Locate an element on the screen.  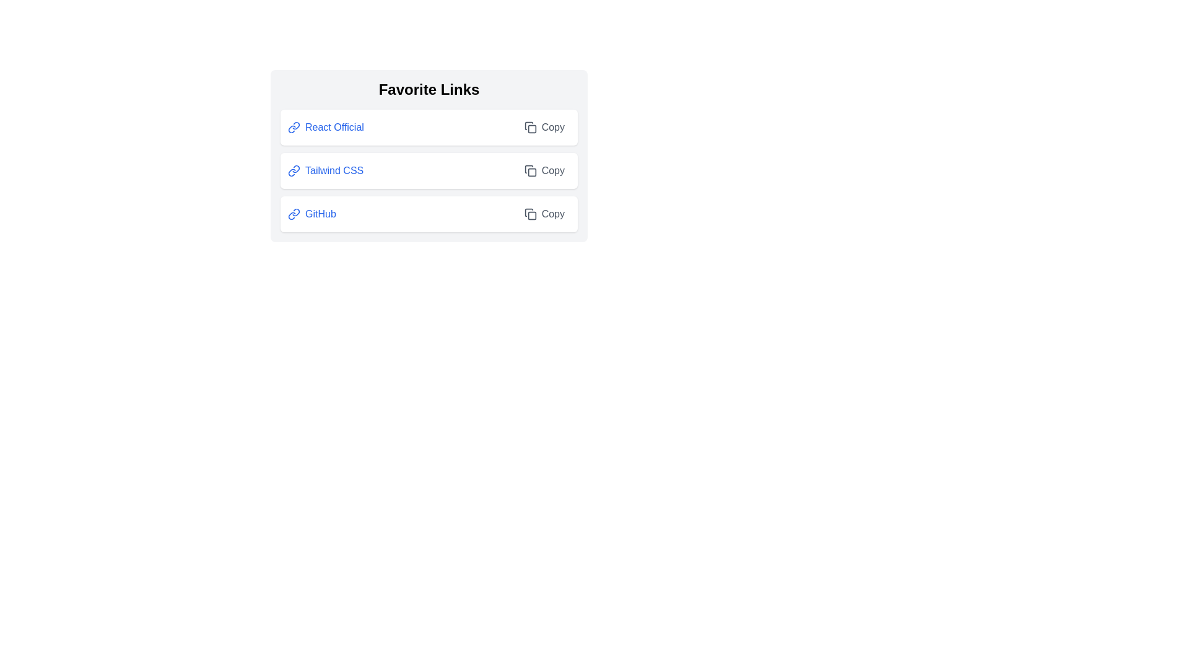
the copy icon located to the right of the 'Copy' text label in the second row of the 'Favorite Links' list to copy the associated link or text for 'Tailwind CSS' is located at coordinates (530, 171).